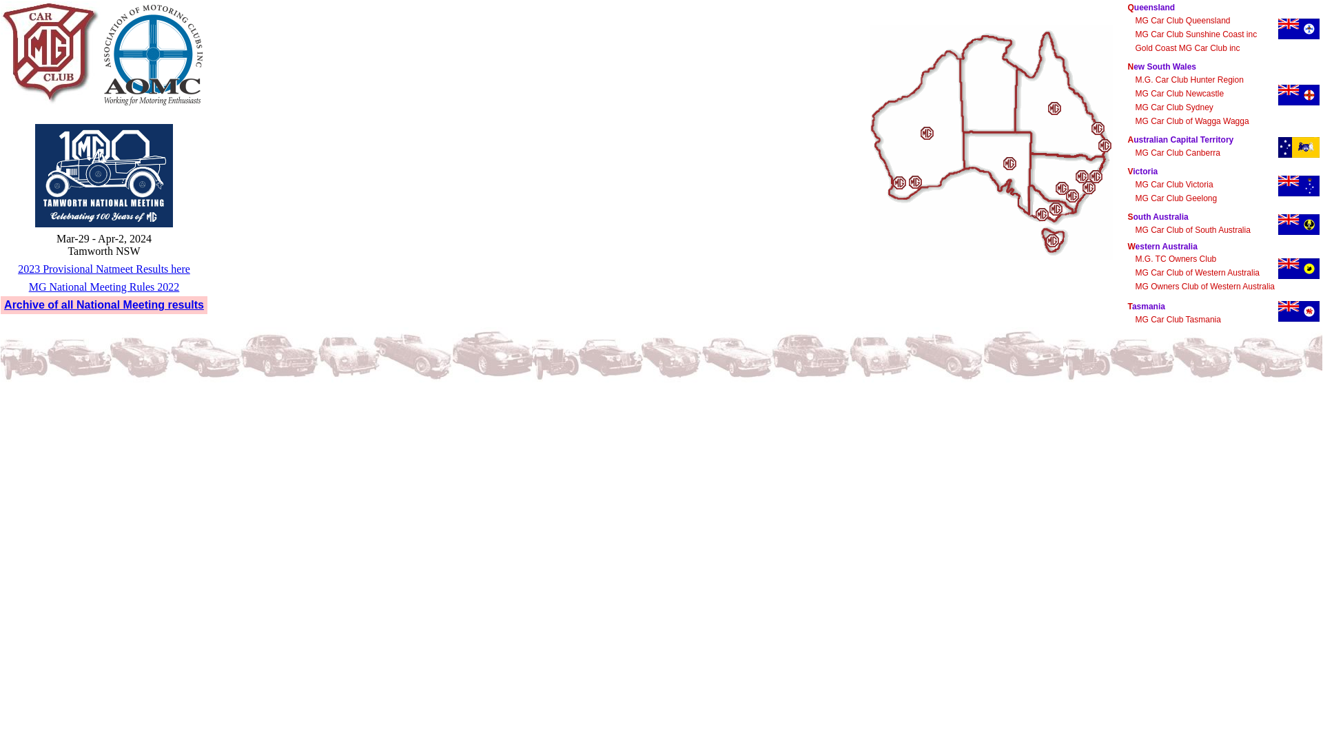  What do you see at coordinates (1173, 183) in the screenshot?
I see `'MG Car Club Victoria'` at bounding box center [1173, 183].